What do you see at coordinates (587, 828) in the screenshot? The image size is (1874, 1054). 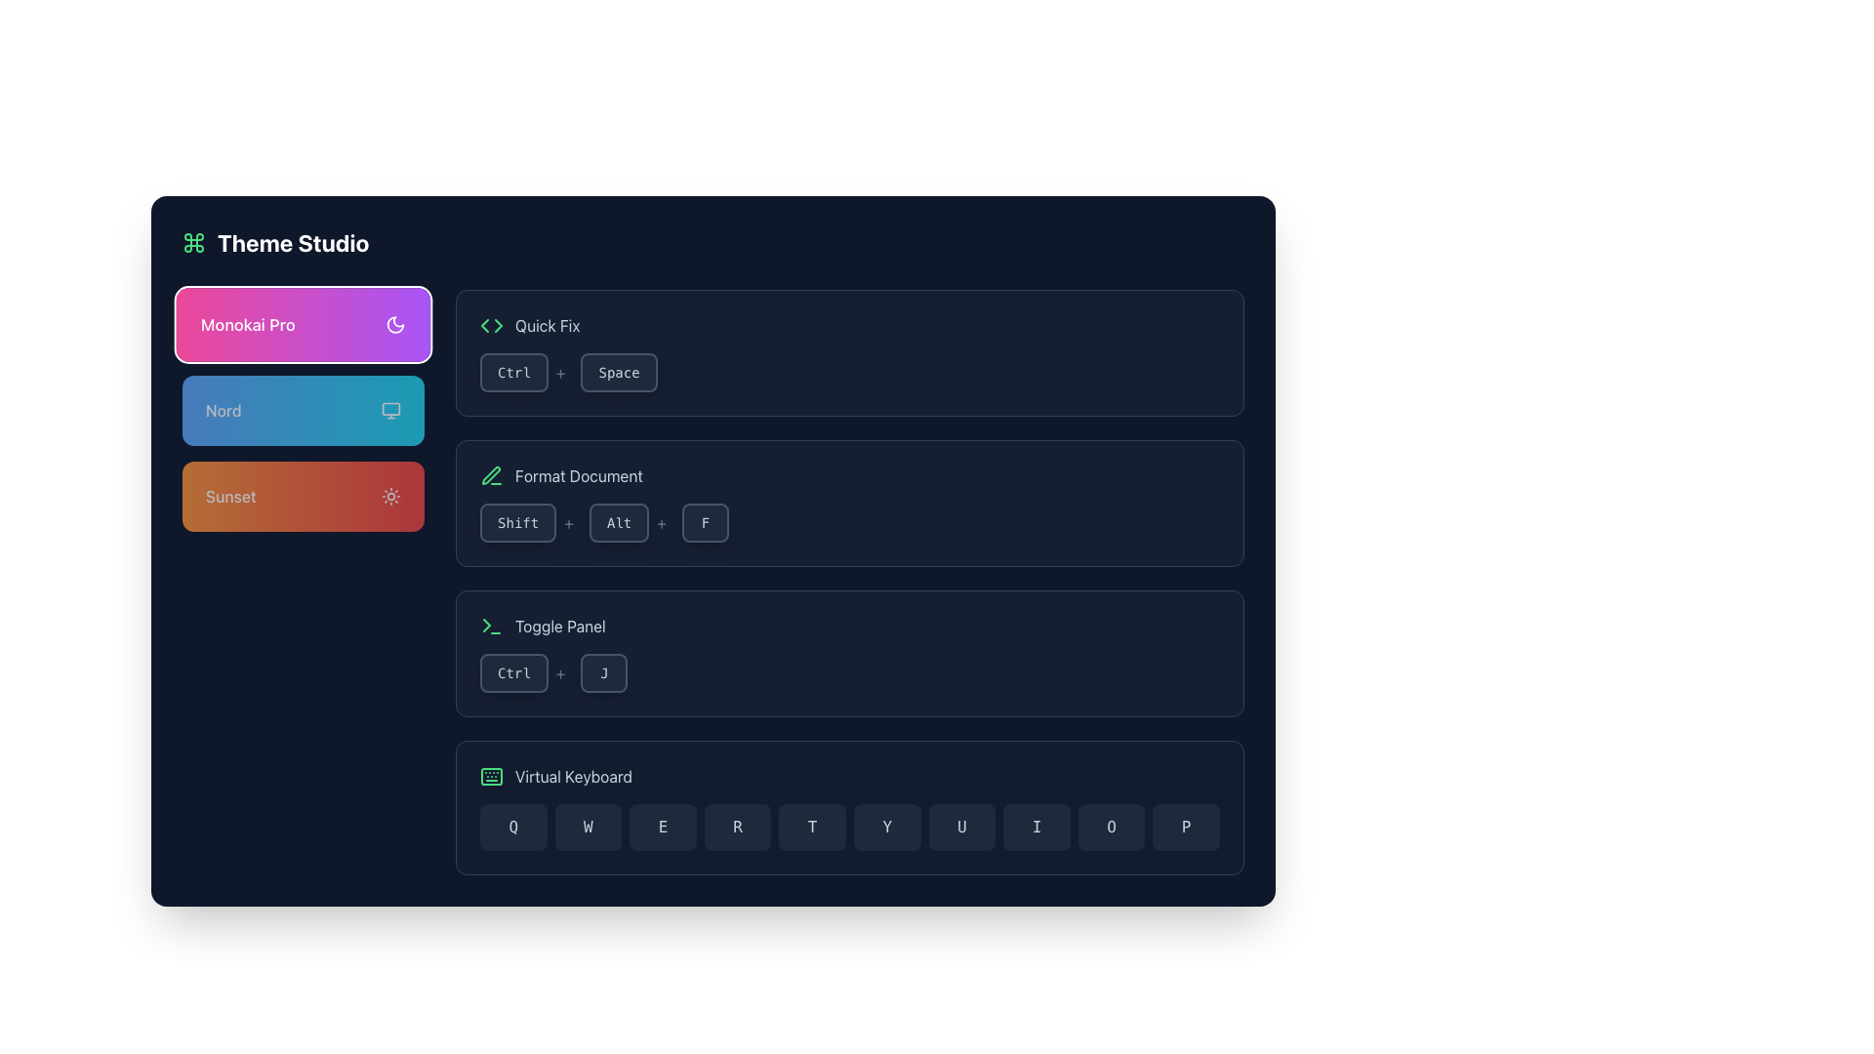 I see `the 'W' button on the virtual keyboard to input the letter 'W'` at bounding box center [587, 828].